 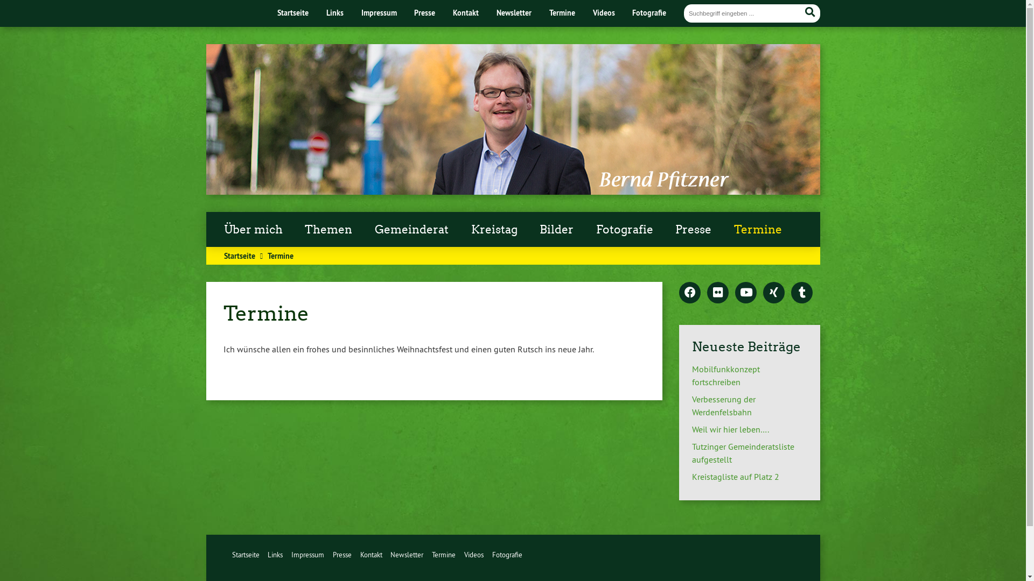 What do you see at coordinates (334, 12) in the screenshot?
I see `'Links'` at bounding box center [334, 12].